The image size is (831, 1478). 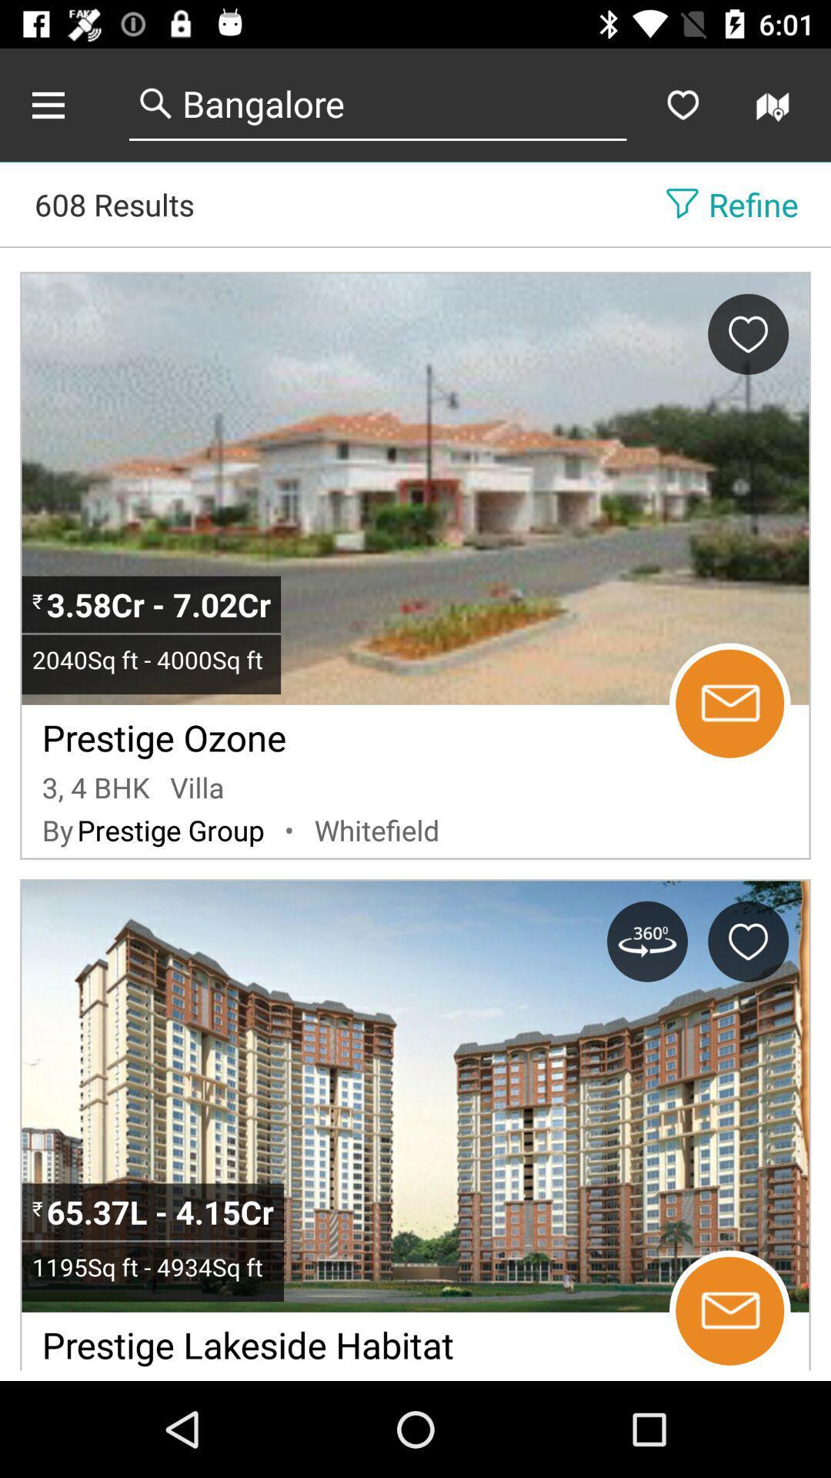 What do you see at coordinates (682, 104) in the screenshot?
I see `make as a favorite search` at bounding box center [682, 104].